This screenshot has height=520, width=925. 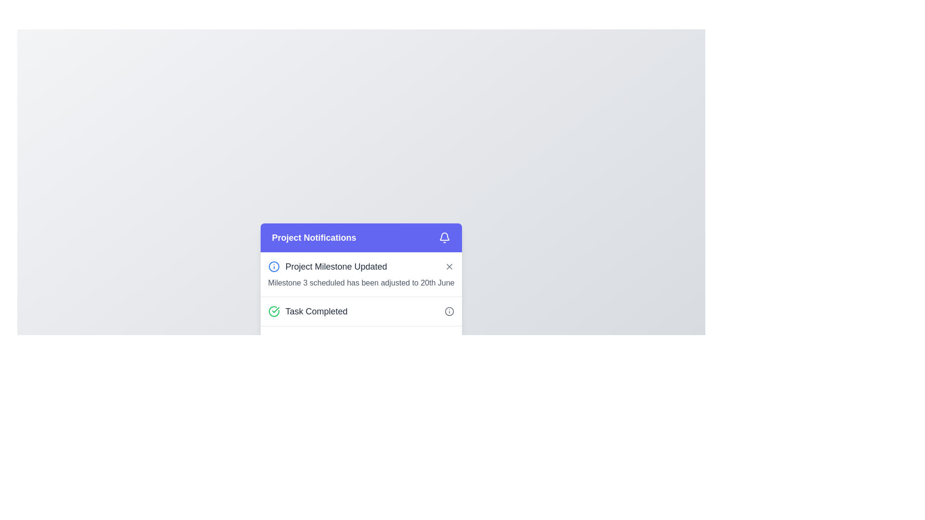 What do you see at coordinates (273, 267) in the screenshot?
I see `the outermost blue outlined circle of the info icon located to the right of the 'Task Completed' text in the notification card` at bounding box center [273, 267].